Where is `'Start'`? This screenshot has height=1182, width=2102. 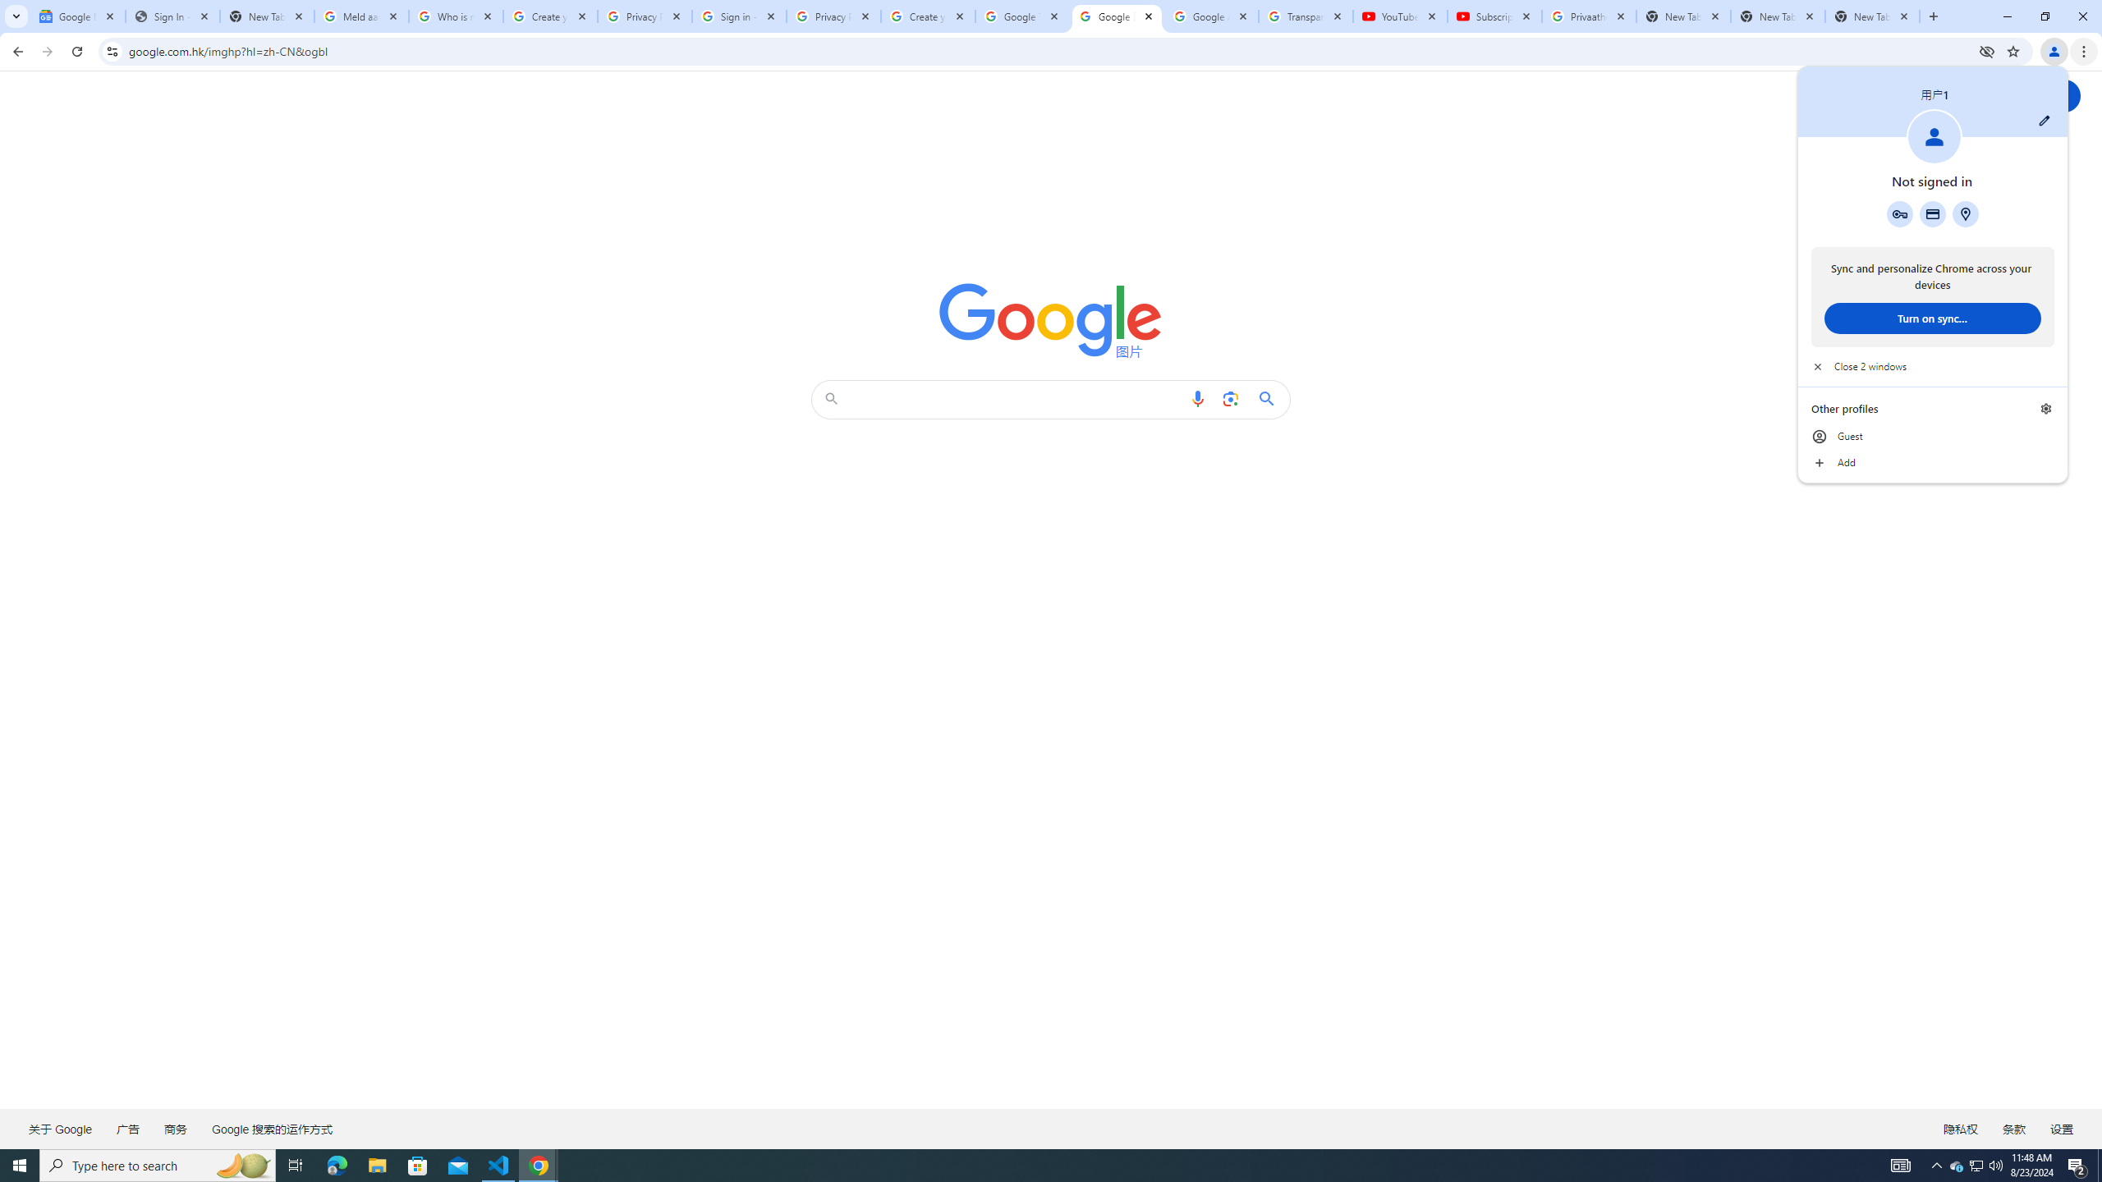 'Start' is located at coordinates (20, 1164).